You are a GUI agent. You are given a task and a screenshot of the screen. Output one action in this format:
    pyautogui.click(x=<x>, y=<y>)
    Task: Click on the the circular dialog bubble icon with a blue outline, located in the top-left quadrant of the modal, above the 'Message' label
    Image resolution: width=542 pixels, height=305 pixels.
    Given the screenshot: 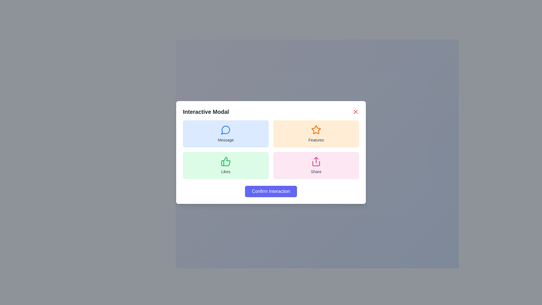 What is the action you would take?
    pyautogui.click(x=225, y=130)
    